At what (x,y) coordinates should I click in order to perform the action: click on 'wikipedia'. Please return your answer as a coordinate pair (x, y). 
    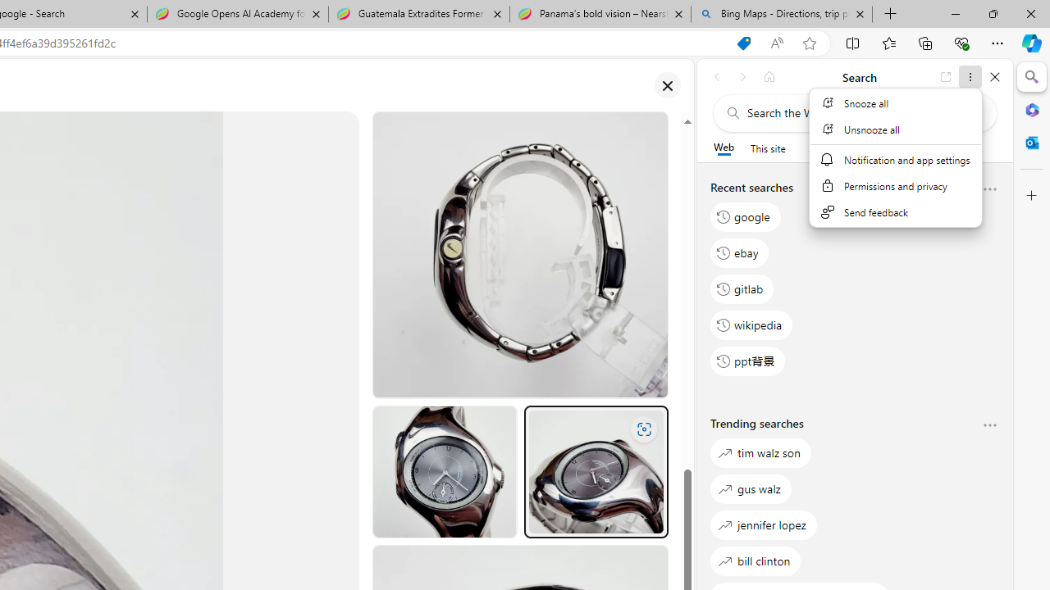
    Looking at the image, I should click on (751, 324).